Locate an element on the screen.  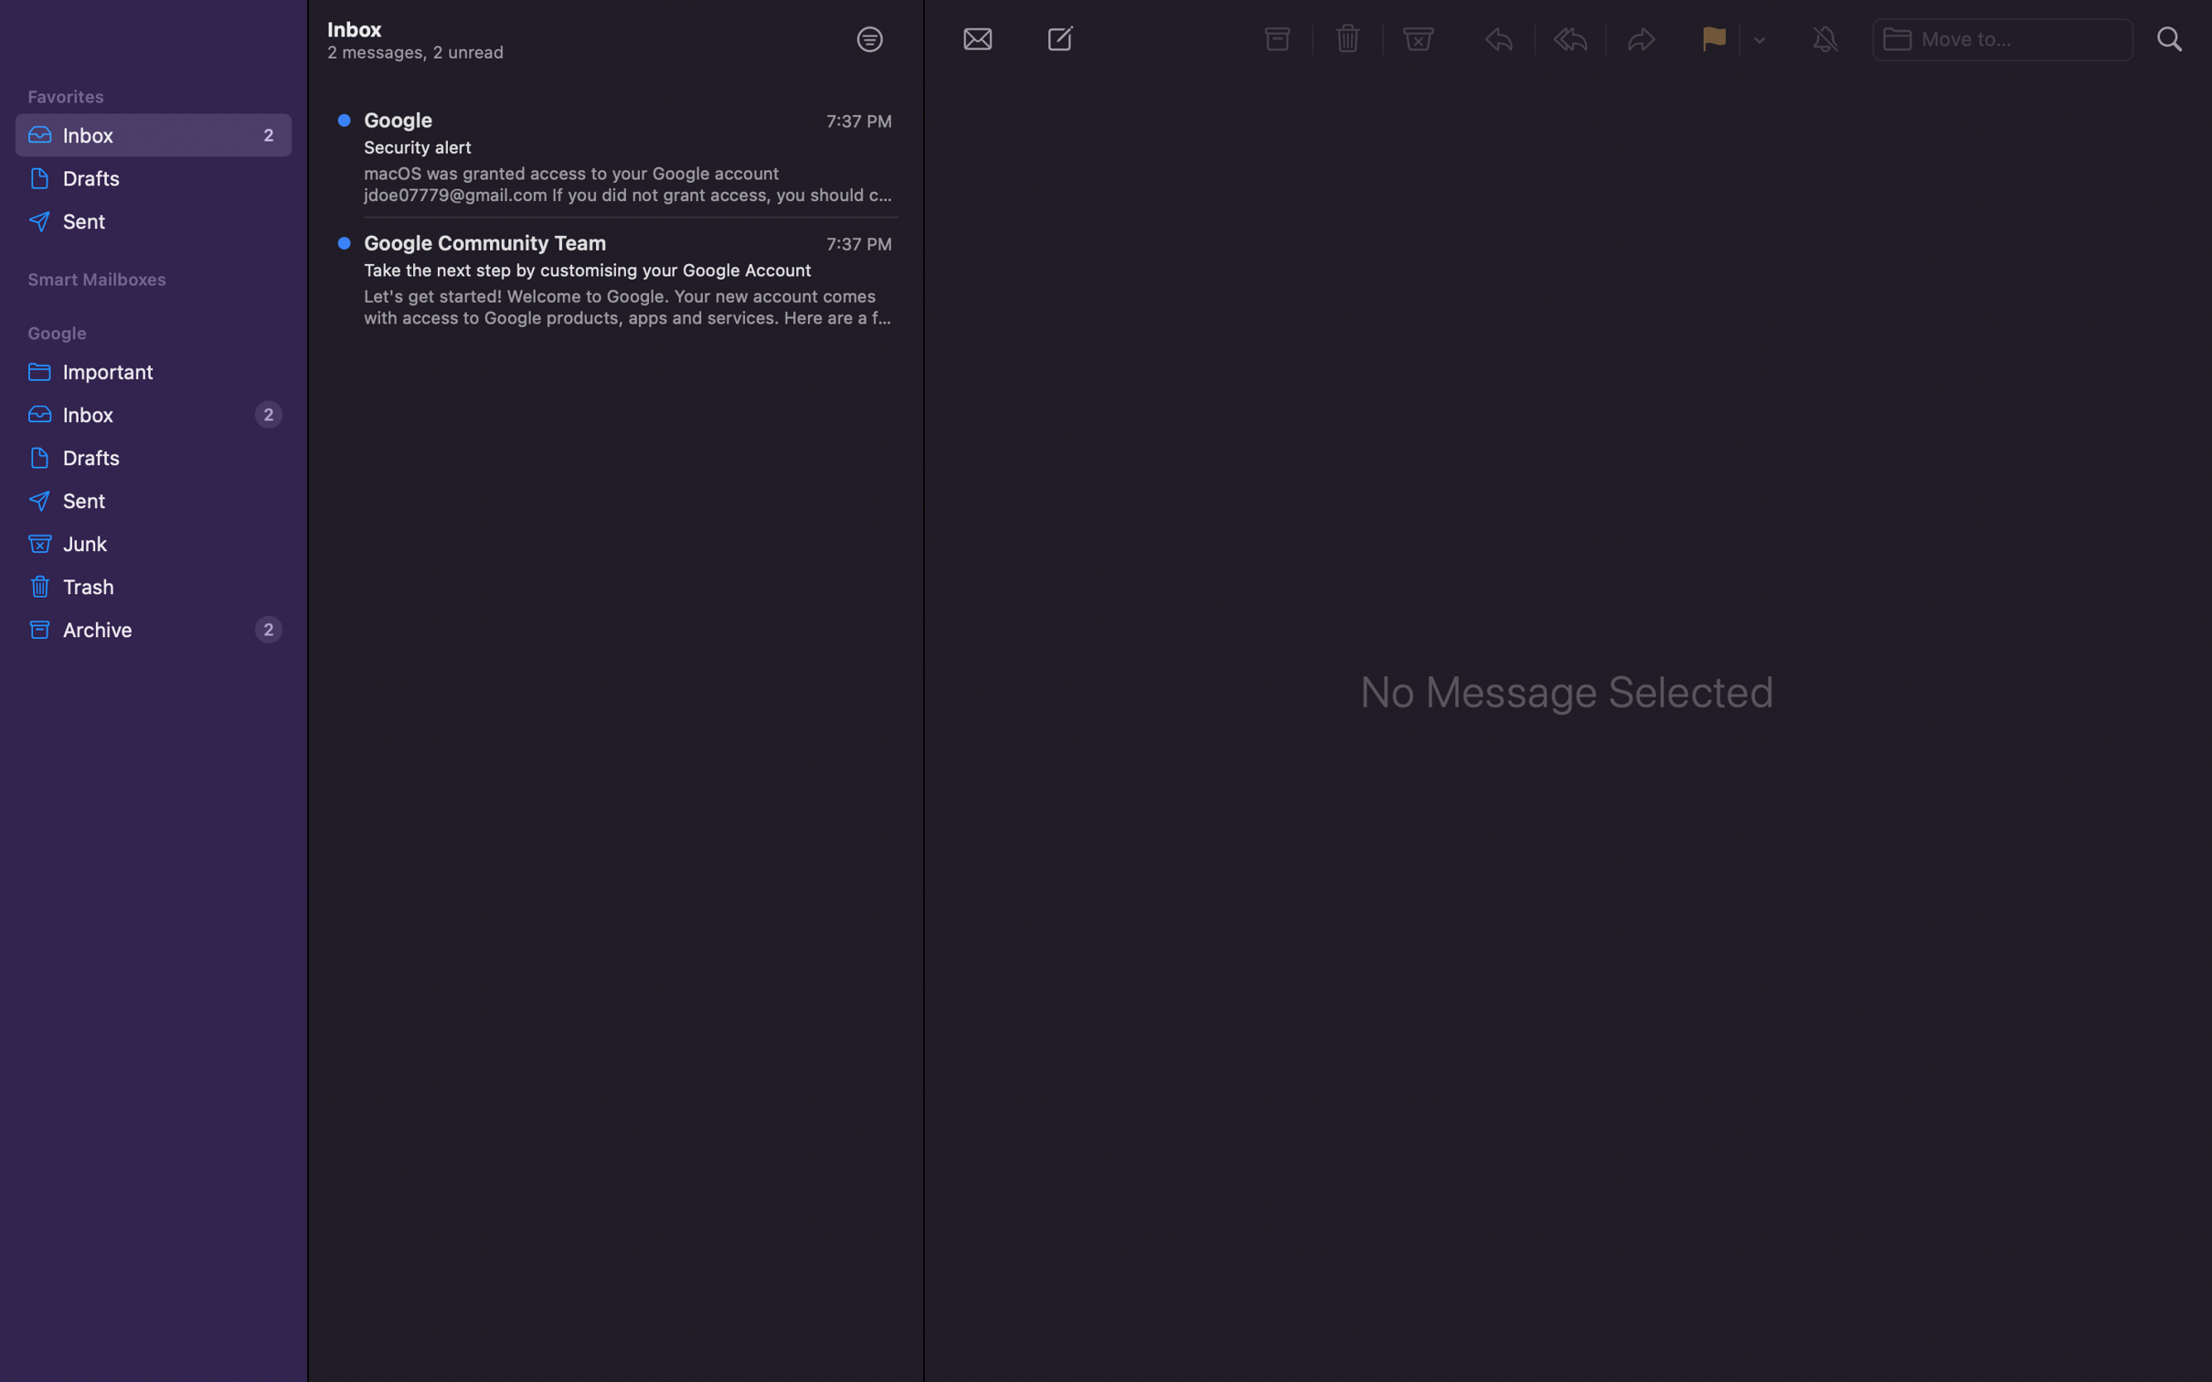
Disable the noise for the existing talk is located at coordinates (1826, 37).